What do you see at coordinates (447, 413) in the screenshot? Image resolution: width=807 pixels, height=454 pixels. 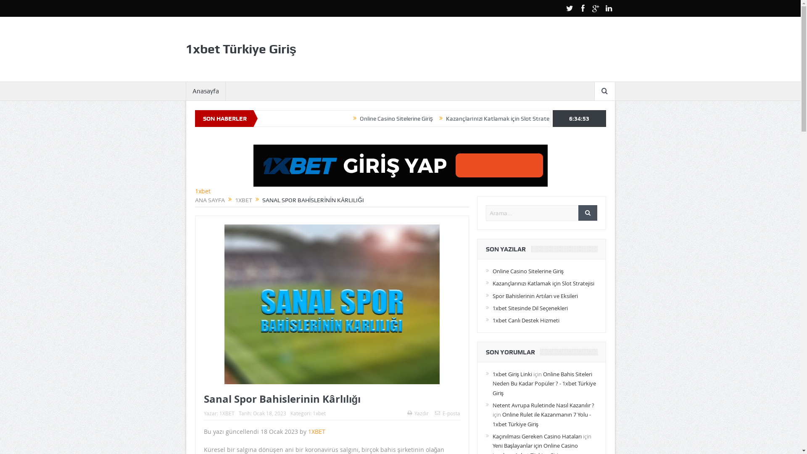 I see `'E-posta'` at bounding box center [447, 413].